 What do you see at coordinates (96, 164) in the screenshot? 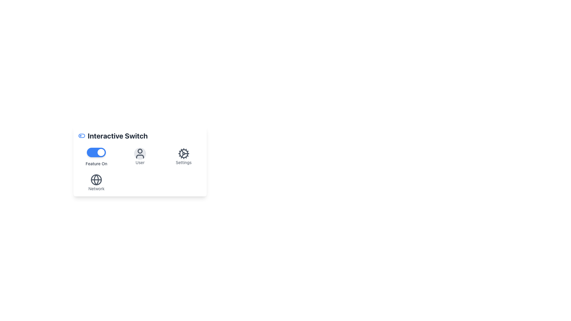
I see `the text label reading 'Feature On', which is located centrally below the blue toggle switch in a card-style layout` at bounding box center [96, 164].